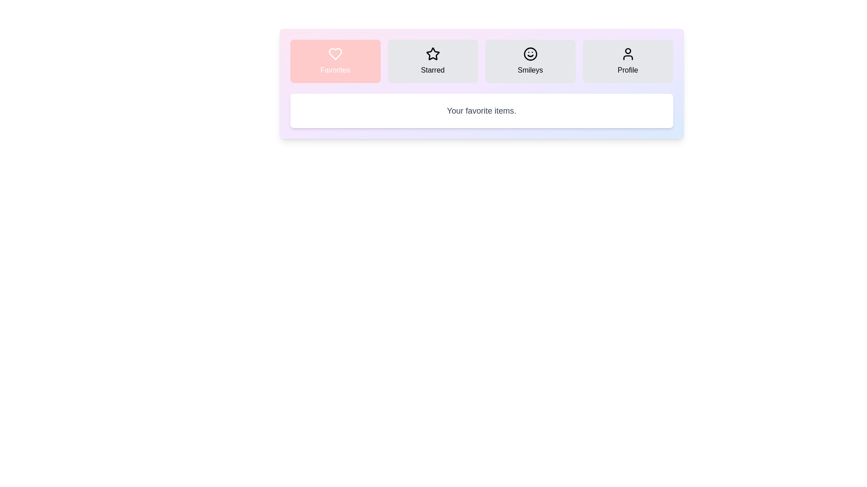 The width and height of the screenshot is (867, 487). Describe the element at coordinates (530, 61) in the screenshot. I see `the Smileys tab by clicking on it` at that location.